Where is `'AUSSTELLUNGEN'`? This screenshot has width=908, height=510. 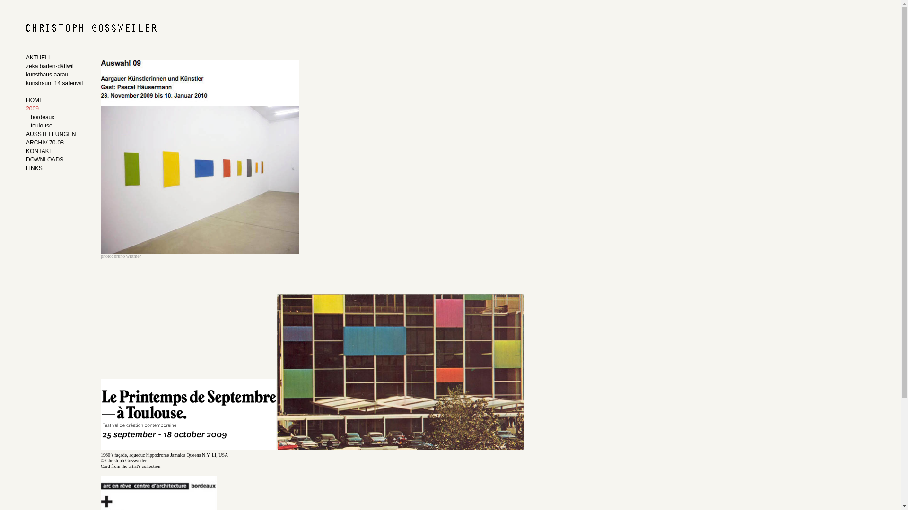 'AUSSTELLUNGEN' is located at coordinates (49, 135).